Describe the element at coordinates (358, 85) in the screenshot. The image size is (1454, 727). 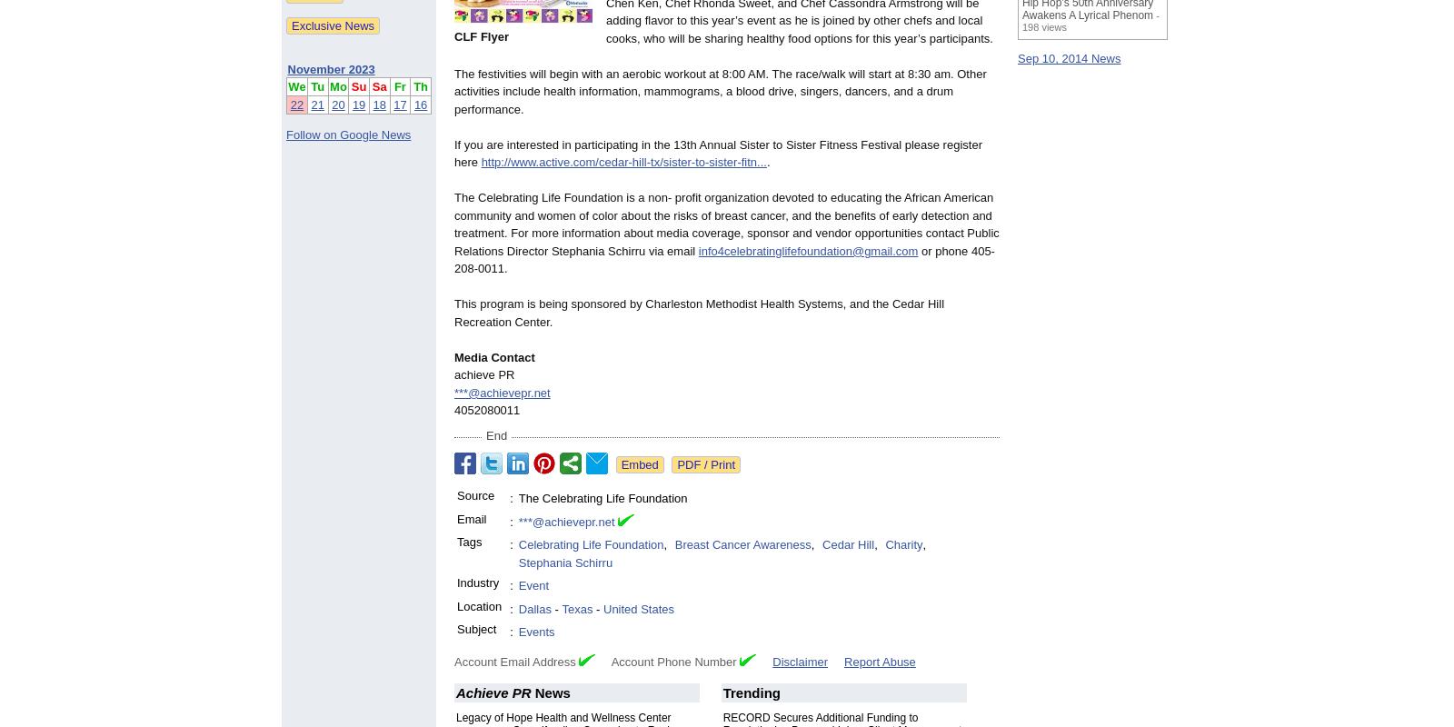
I see `'Su'` at that location.